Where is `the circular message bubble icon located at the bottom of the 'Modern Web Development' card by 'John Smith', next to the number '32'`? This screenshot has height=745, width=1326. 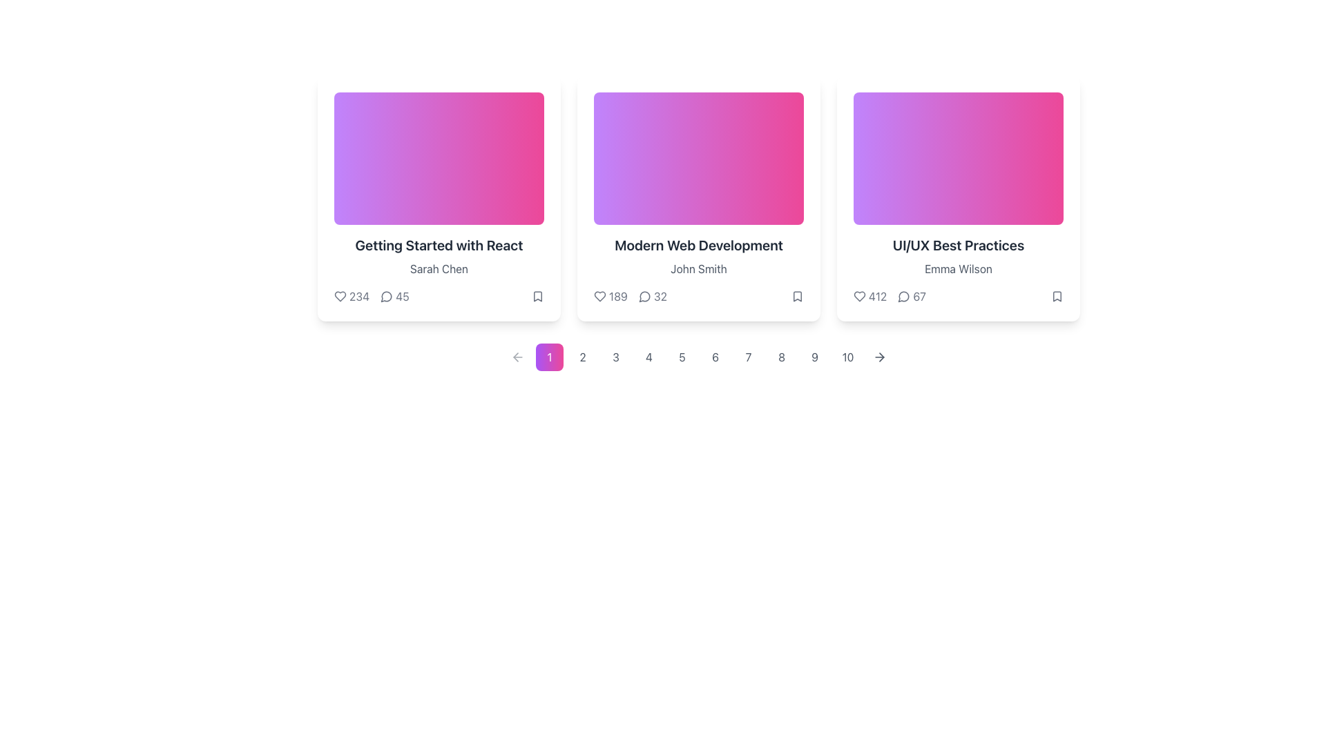
the circular message bubble icon located at the bottom of the 'Modern Web Development' card by 'John Smith', next to the number '32' is located at coordinates (644, 295).